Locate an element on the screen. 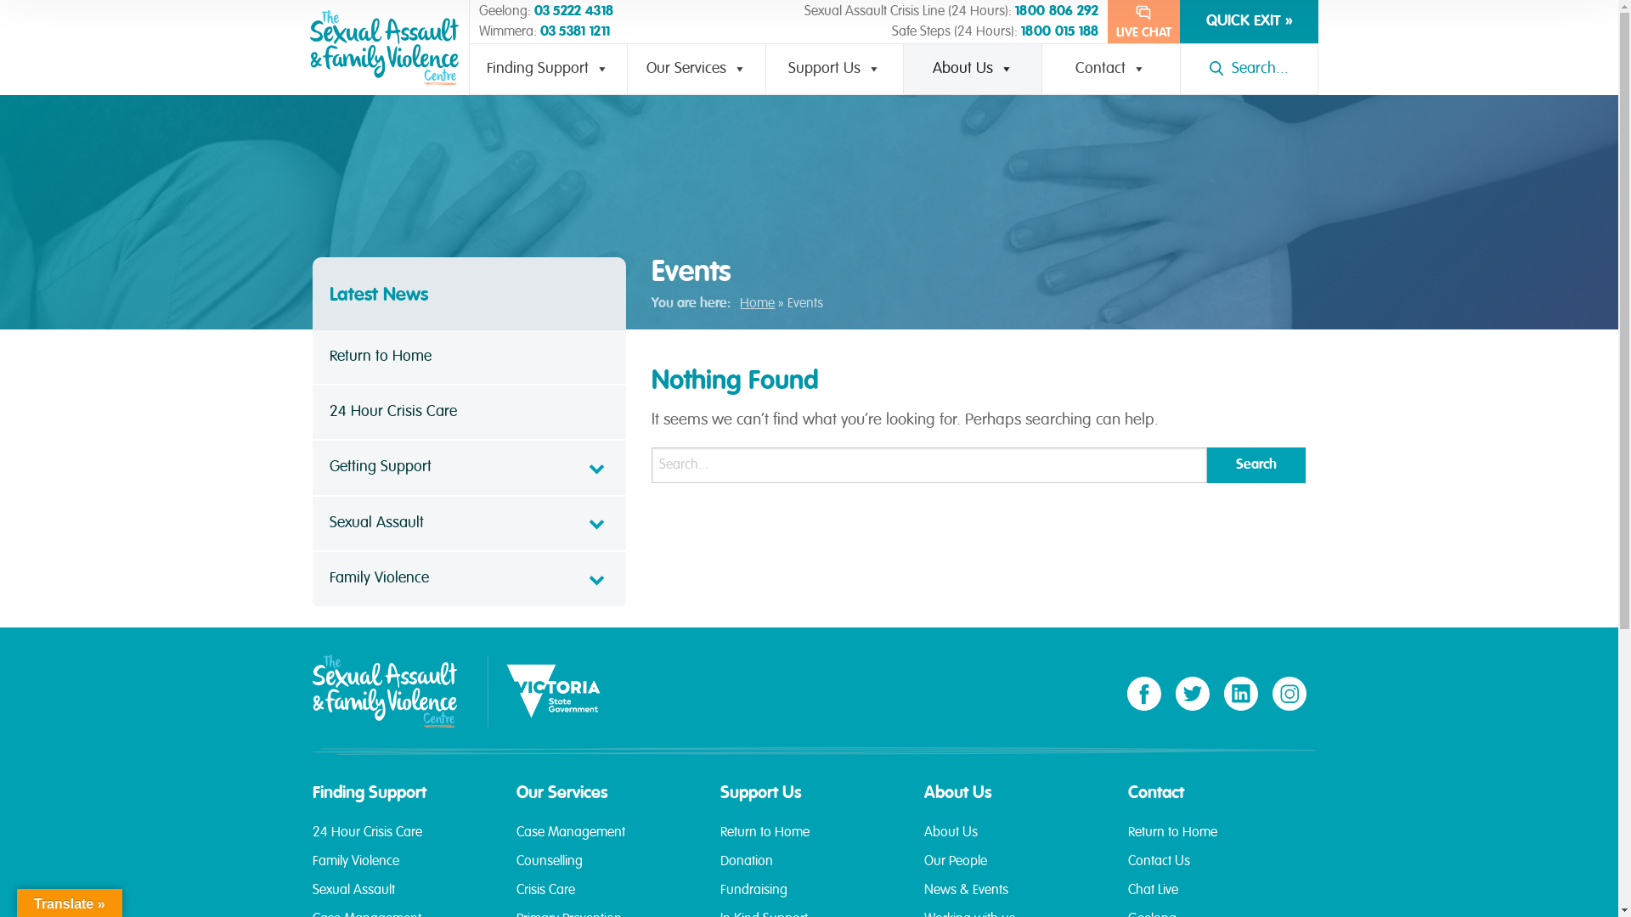 This screenshot has height=917, width=1631. '24 Hour Crisis Care' is located at coordinates (401, 841).